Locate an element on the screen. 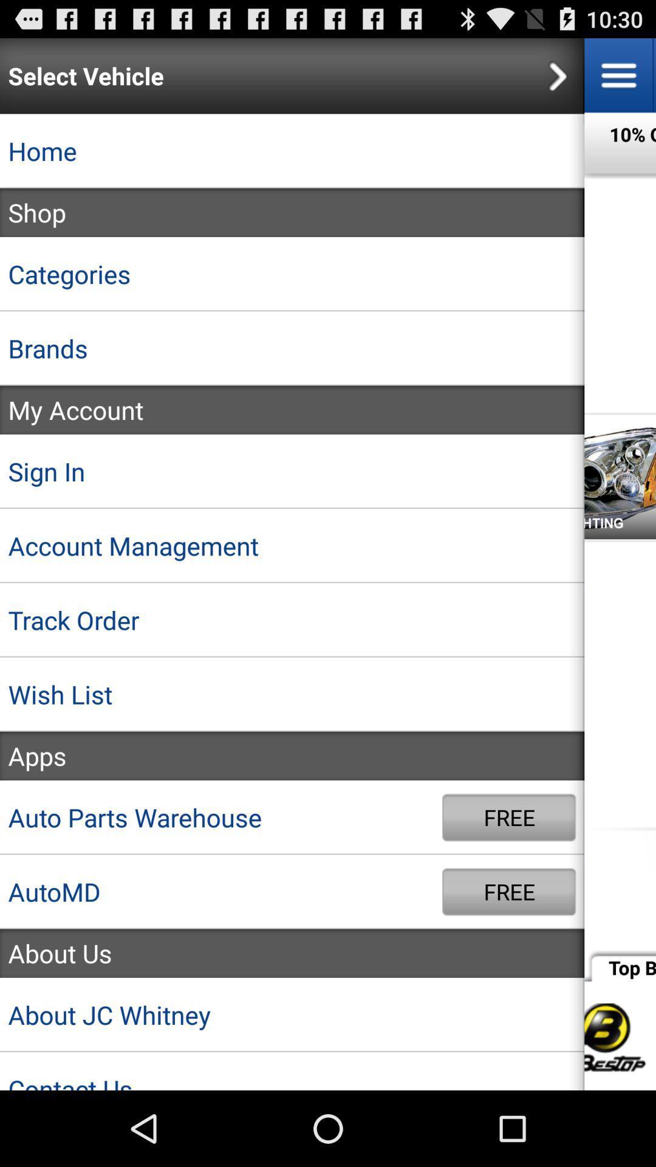 The image size is (656, 1167). the icon above the shop item is located at coordinates (292, 150).